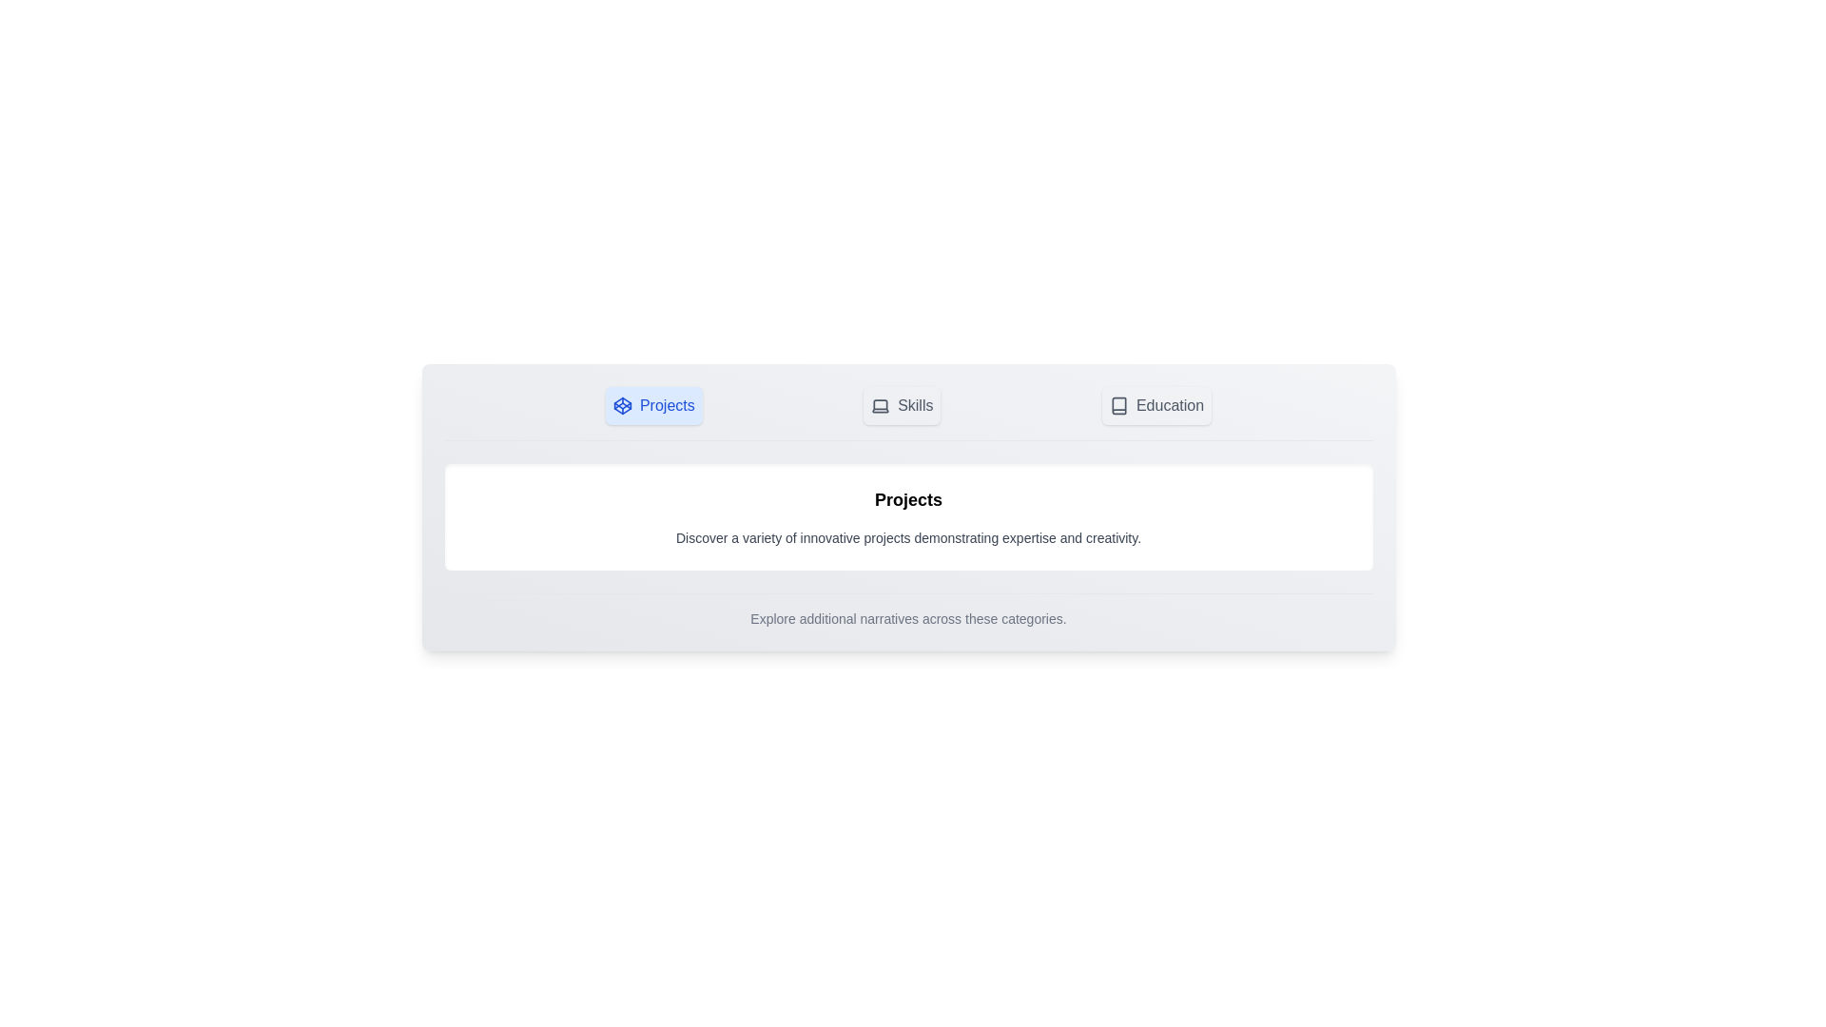 Image resolution: width=1826 pixels, height=1027 pixels. What do you see at coordinates (1156, 405) in the screenshot?
I see `the 'Education' button, which is the third item in a horizontal row of buttons labeled 'Projects,' 'Skills,' and 'Education,'` at bounding box center [1156, 405].